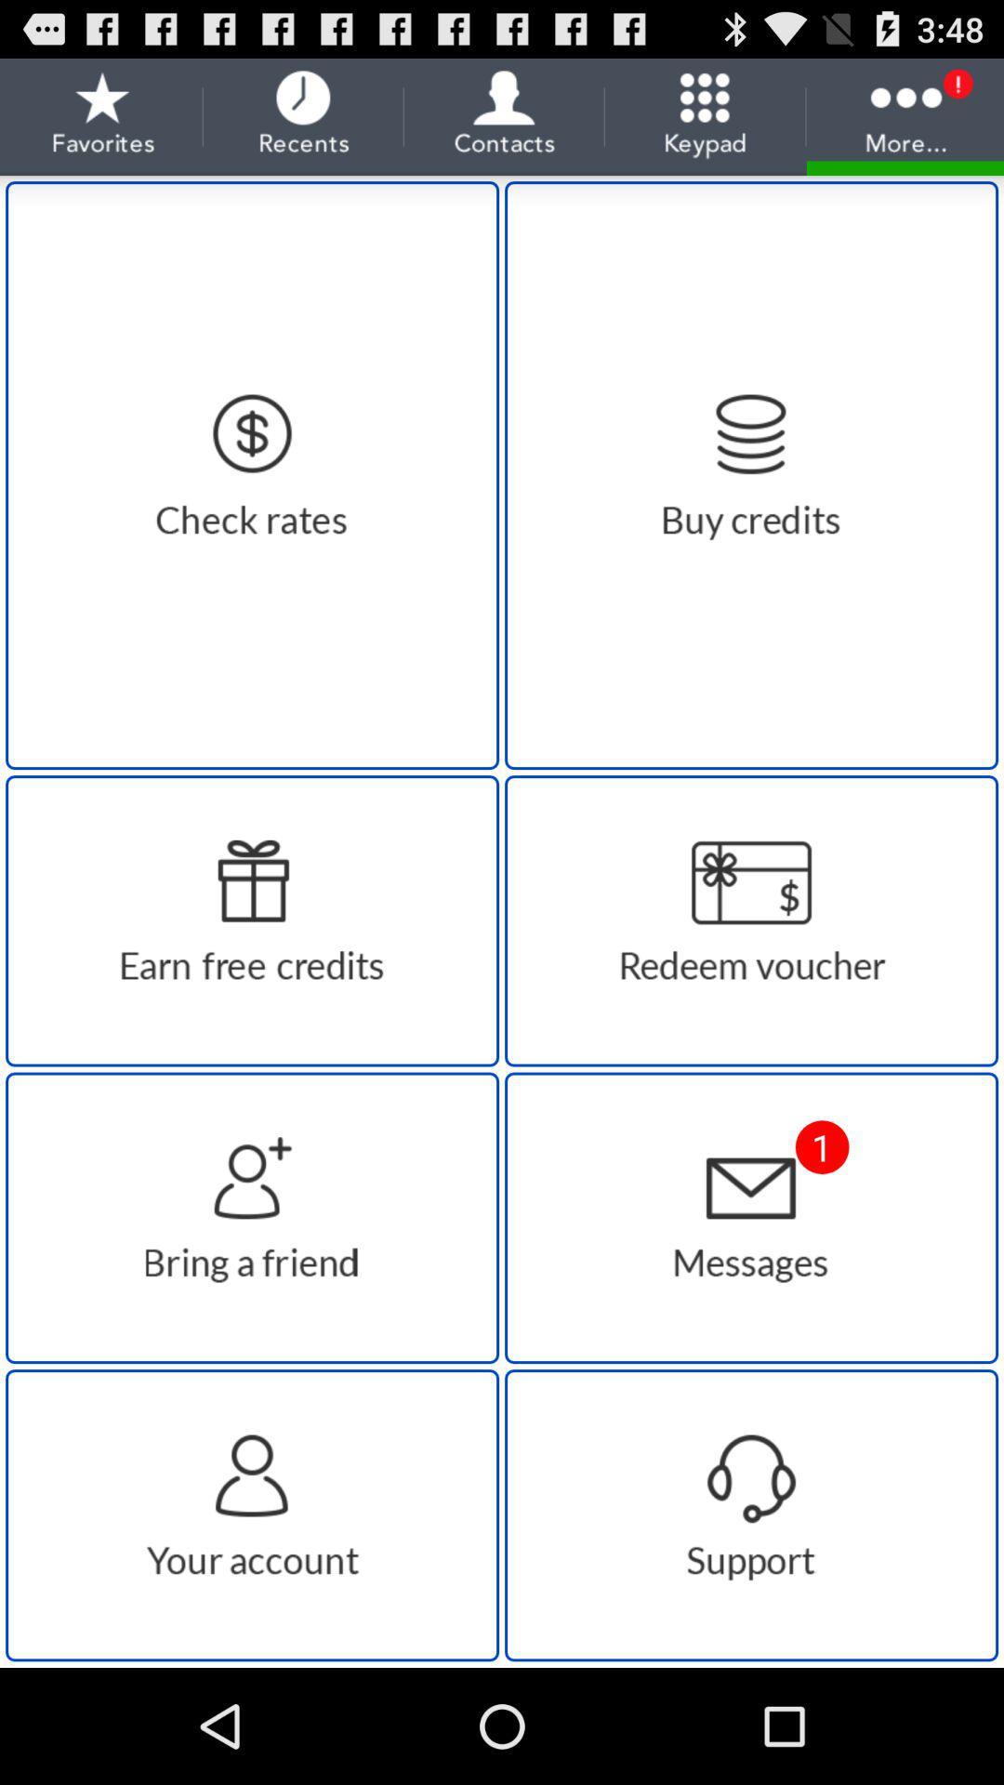 The height and width of the screenshot is (1785, 1004). Describe the element at coordinates (252, 1515) in the screenshot. I see `switch contacts option` at that location.